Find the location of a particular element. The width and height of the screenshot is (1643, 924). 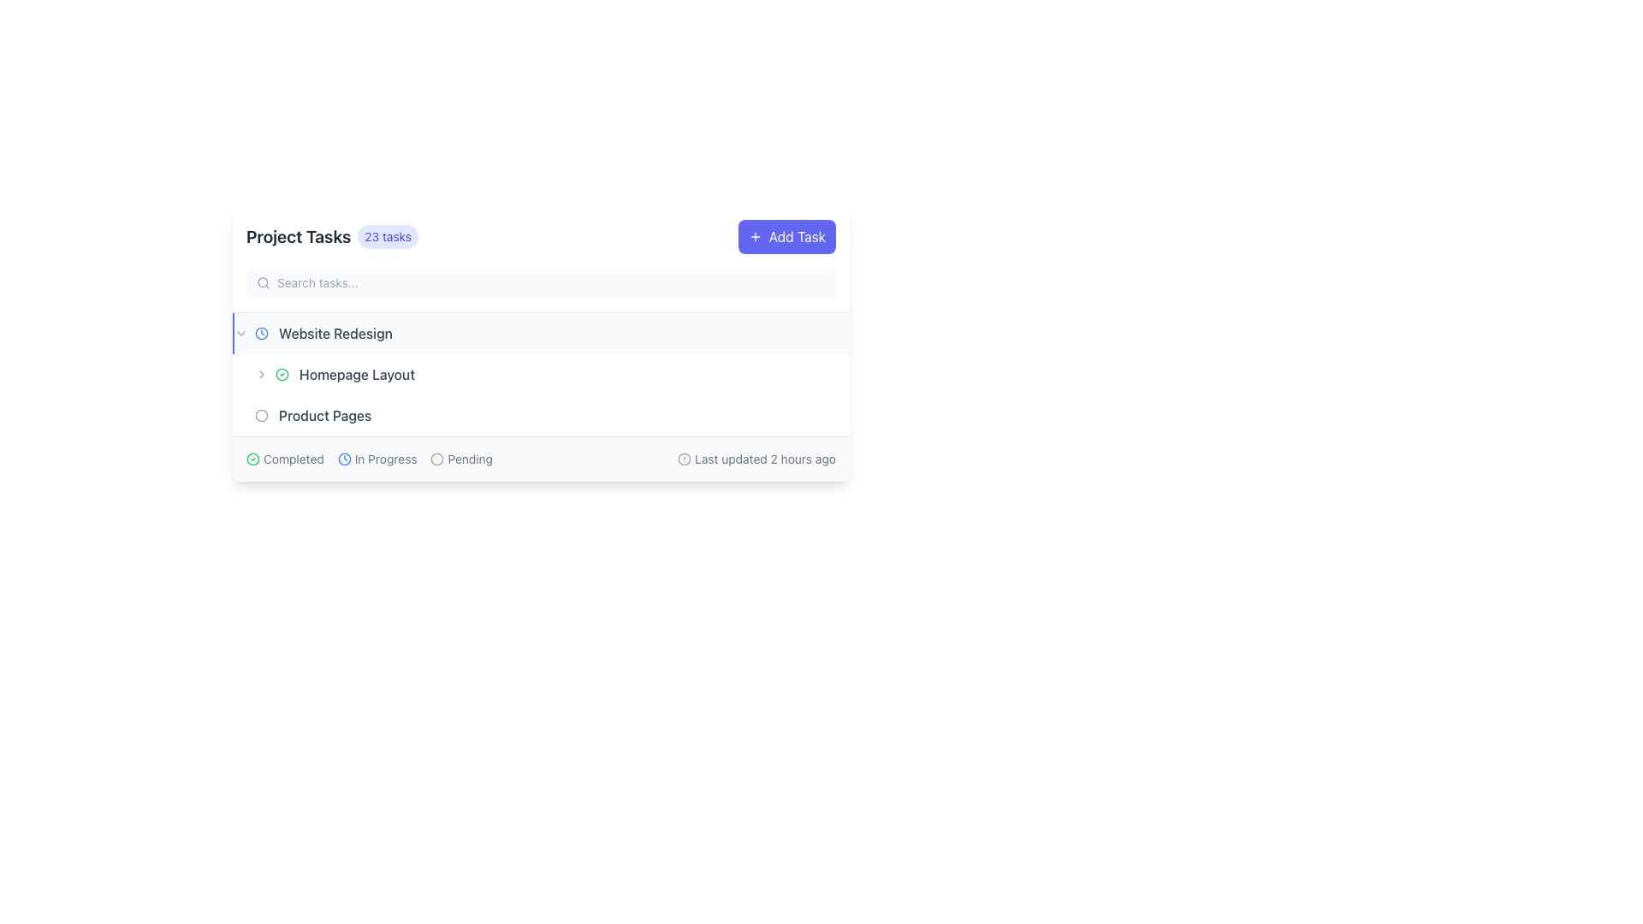

the central circular part of the alert icon located to the right of the 'Pending' label in the interface is located at coordinates (685, 458).